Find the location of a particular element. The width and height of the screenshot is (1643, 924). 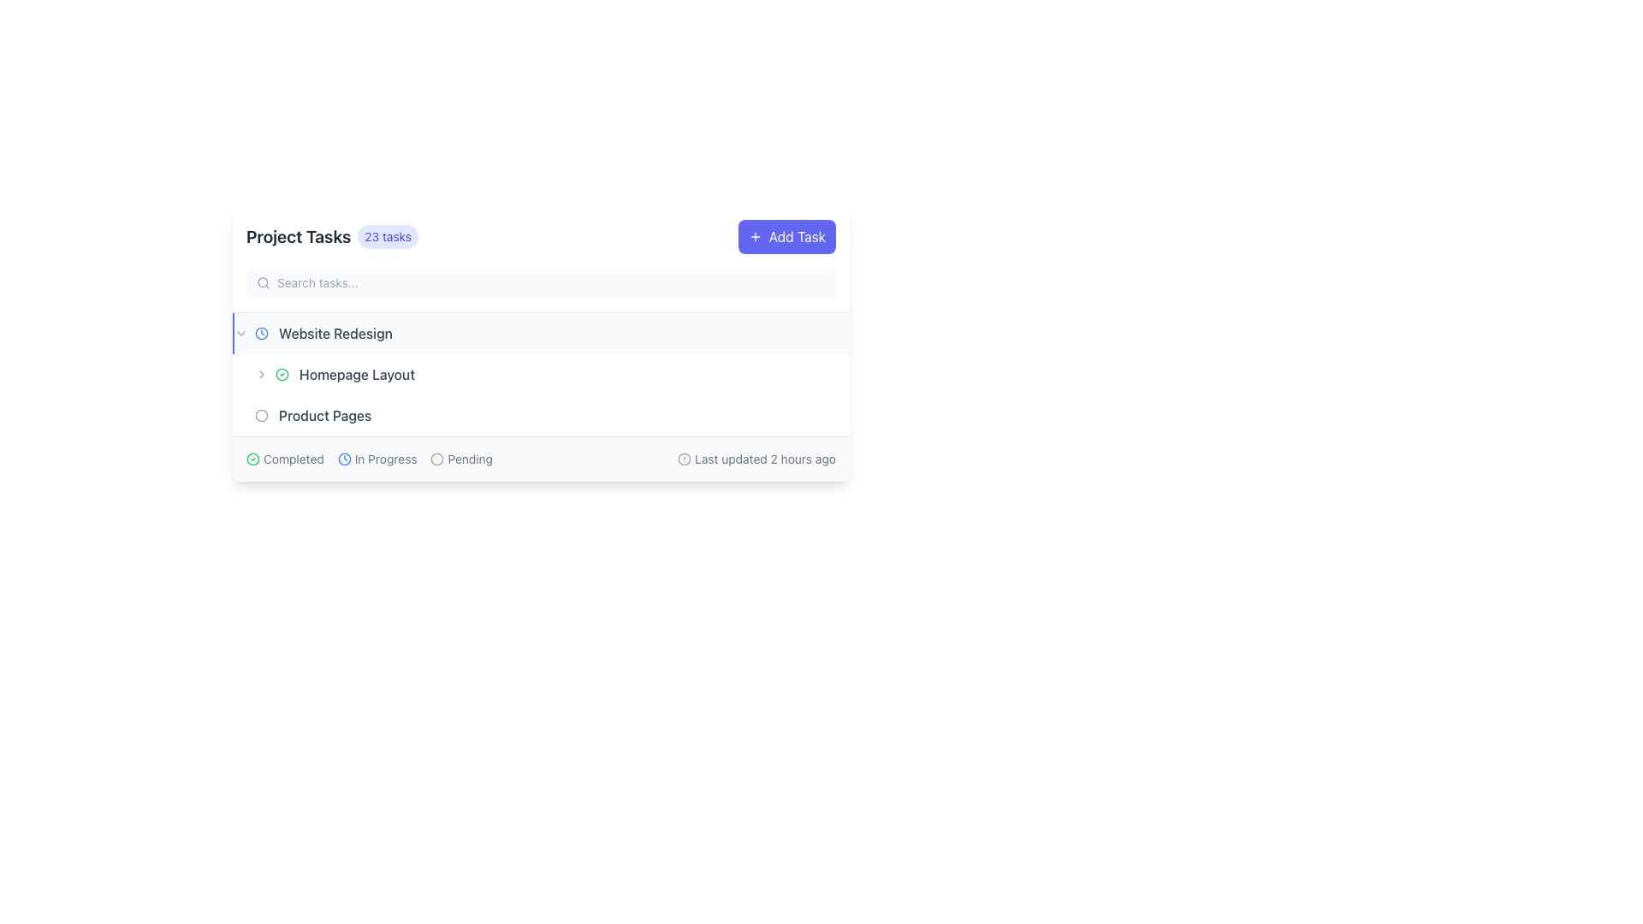

the central circular part of the alert icon located to the right of the 'Pending' label in the interface is located at coordinates (685, 458).